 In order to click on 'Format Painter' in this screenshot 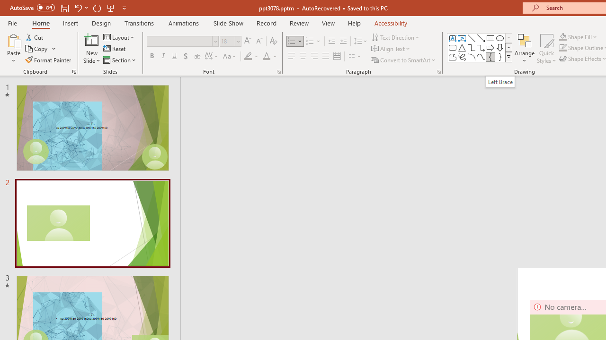, I will do `click(48, 60)`.